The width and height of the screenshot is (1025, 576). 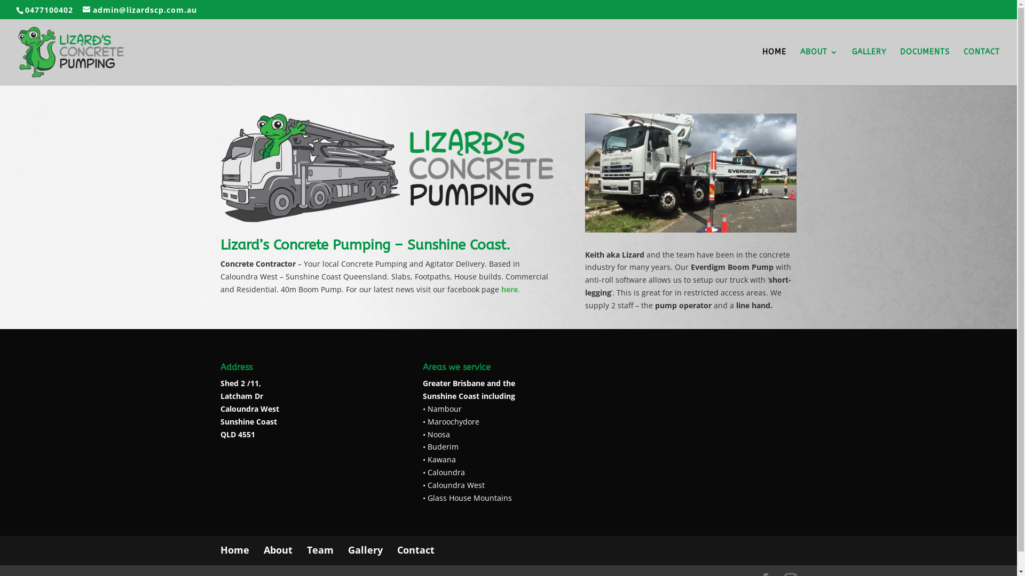 What do you see at coordinates (415, 549) in the screenshot?
I see `'Contact'` at bounding box center [415, 549].